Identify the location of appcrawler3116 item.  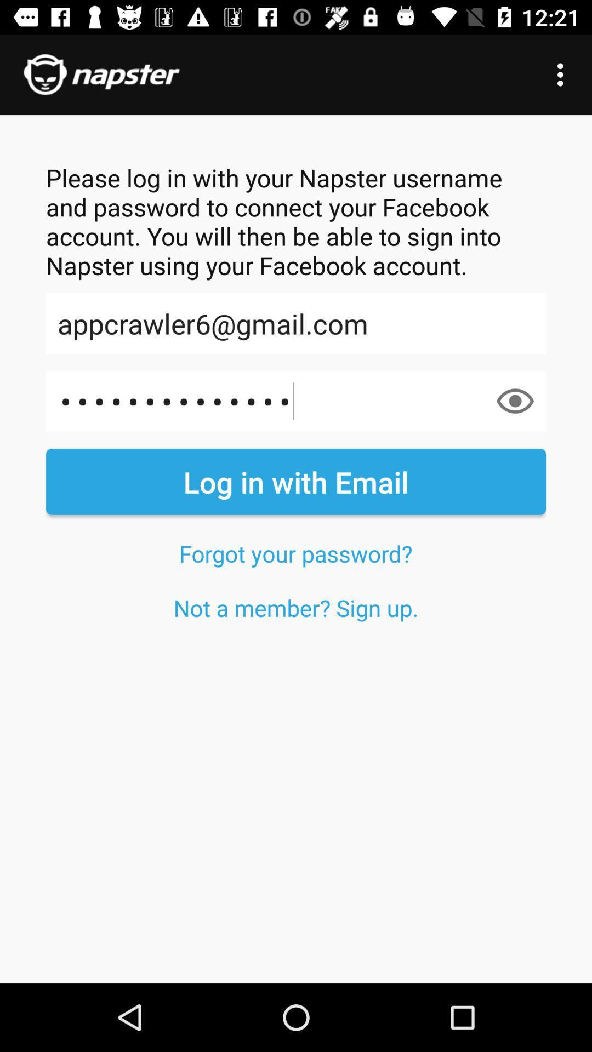
(296, 401).